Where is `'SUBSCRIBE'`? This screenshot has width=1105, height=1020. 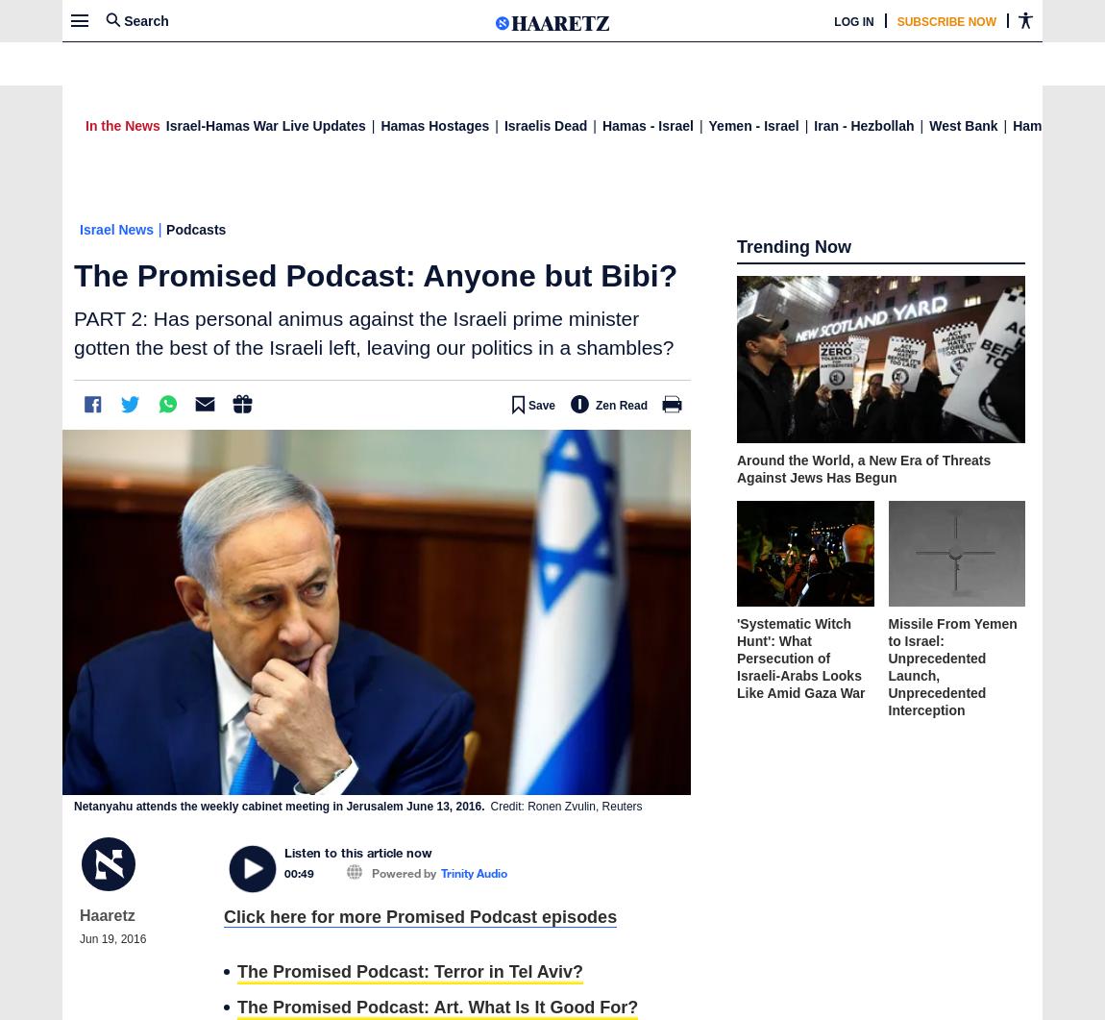 'SUBSCRIBE' is located at coordinates (742, 20).